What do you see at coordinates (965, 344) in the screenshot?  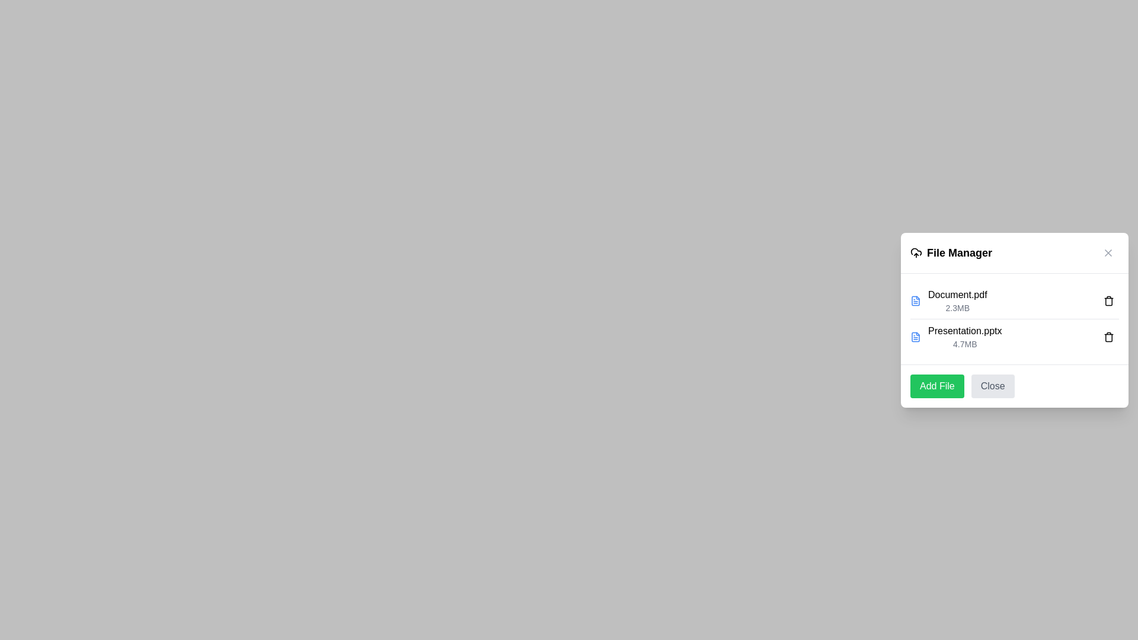 I see `text content of the file size label displaying '4.7MB', which is styled in a gray and small font, located under the file name 'Presentation.pptx' in the file manager interface` at bounding box center [965, 344].